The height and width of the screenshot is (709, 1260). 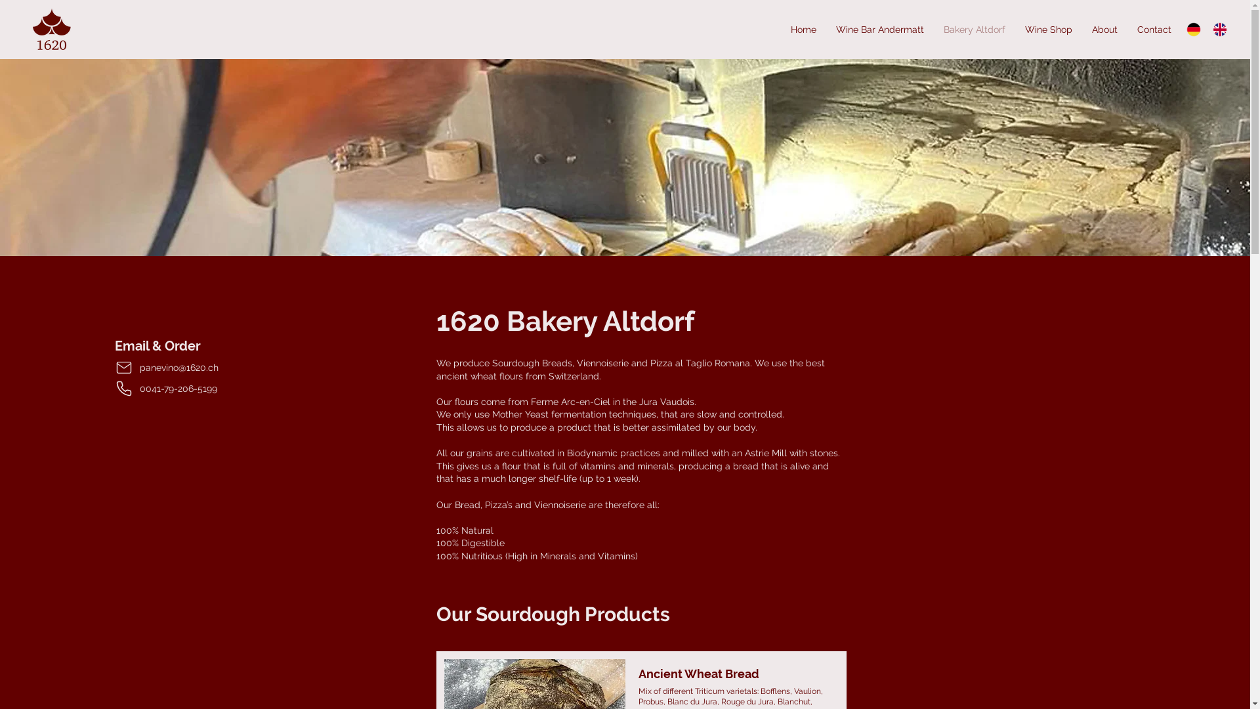 I want to click on '0041-79-206-5199', so click(x=182, y=387).